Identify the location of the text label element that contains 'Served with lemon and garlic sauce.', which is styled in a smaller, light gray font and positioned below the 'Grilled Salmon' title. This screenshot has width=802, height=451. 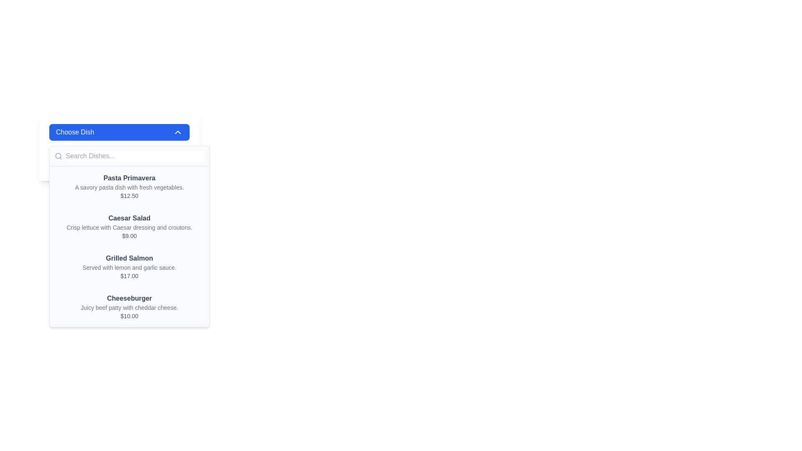
(129, 267).